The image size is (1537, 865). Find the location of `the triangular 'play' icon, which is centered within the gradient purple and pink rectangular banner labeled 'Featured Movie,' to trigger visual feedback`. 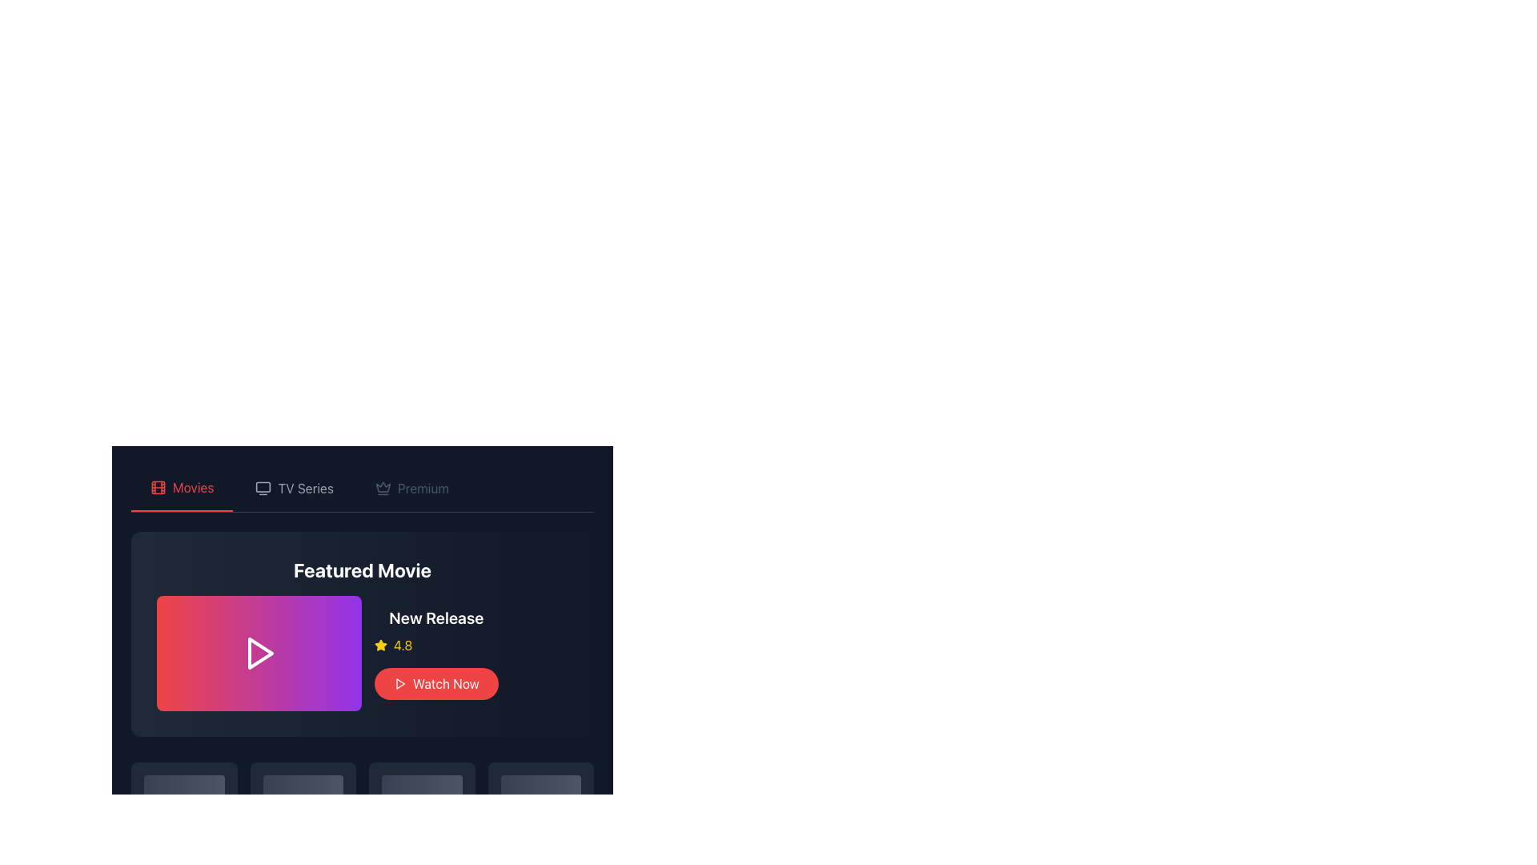

the triangular 'play' icon, which is centered within the gradient purple and pink rectangular banner labeled 'Featured Movie,' to trigger visual feedback is located at coordinates (261, 654).